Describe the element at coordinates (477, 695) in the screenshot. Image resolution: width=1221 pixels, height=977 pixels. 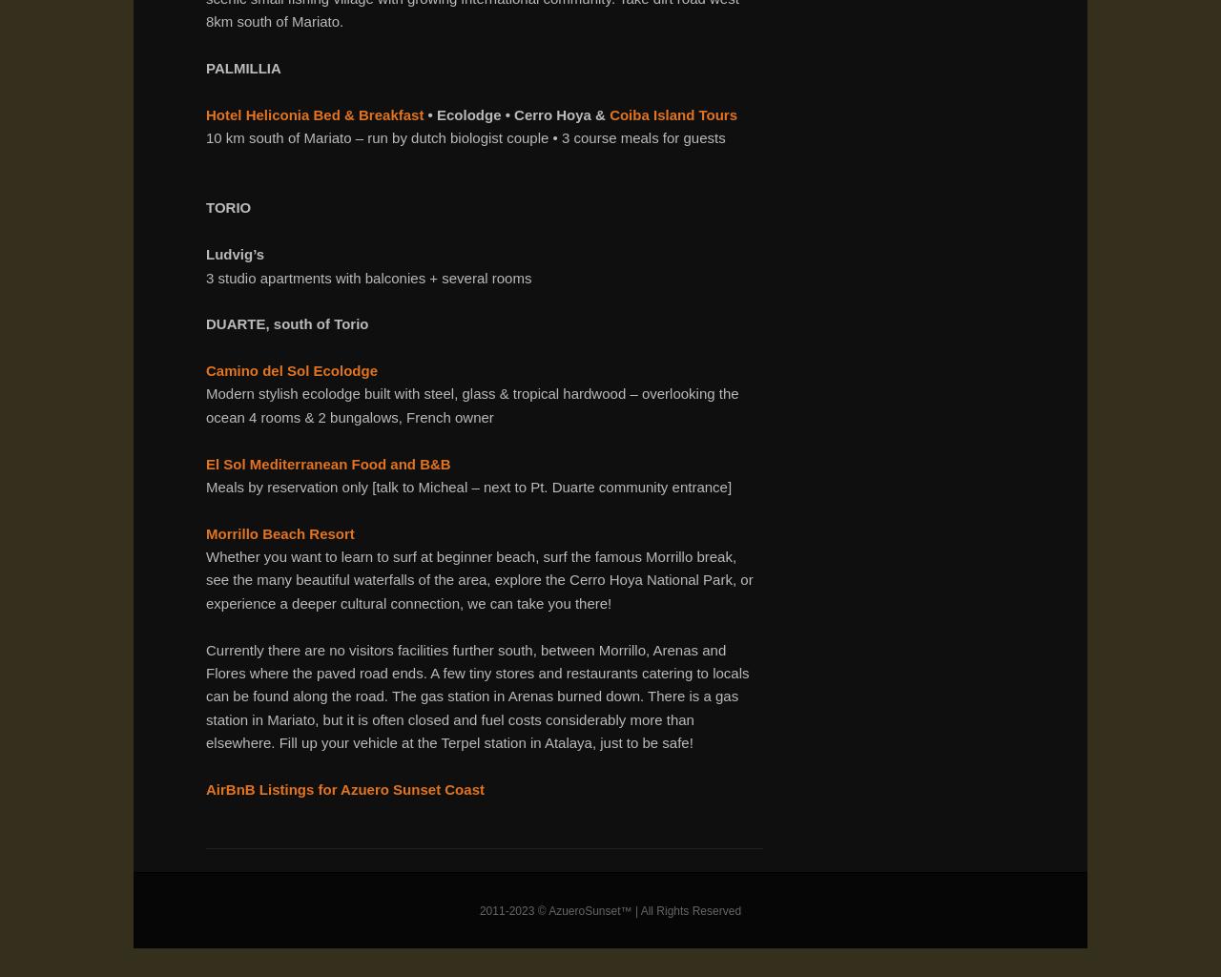
I see `'Currently there are no visitors facilities further south, between Morrillo, Arenas and Flores where the paved road ends. A few tiny stores and restaurants catering to locals can be found along the road. The gas station in Arenas burned down. There is a gas station in Mariato, but it is often closed and fuel costs considerably more than elsewhere. Fill up your vehicle at the Terpel station in Atalaya, just to be safe!'` at that location.